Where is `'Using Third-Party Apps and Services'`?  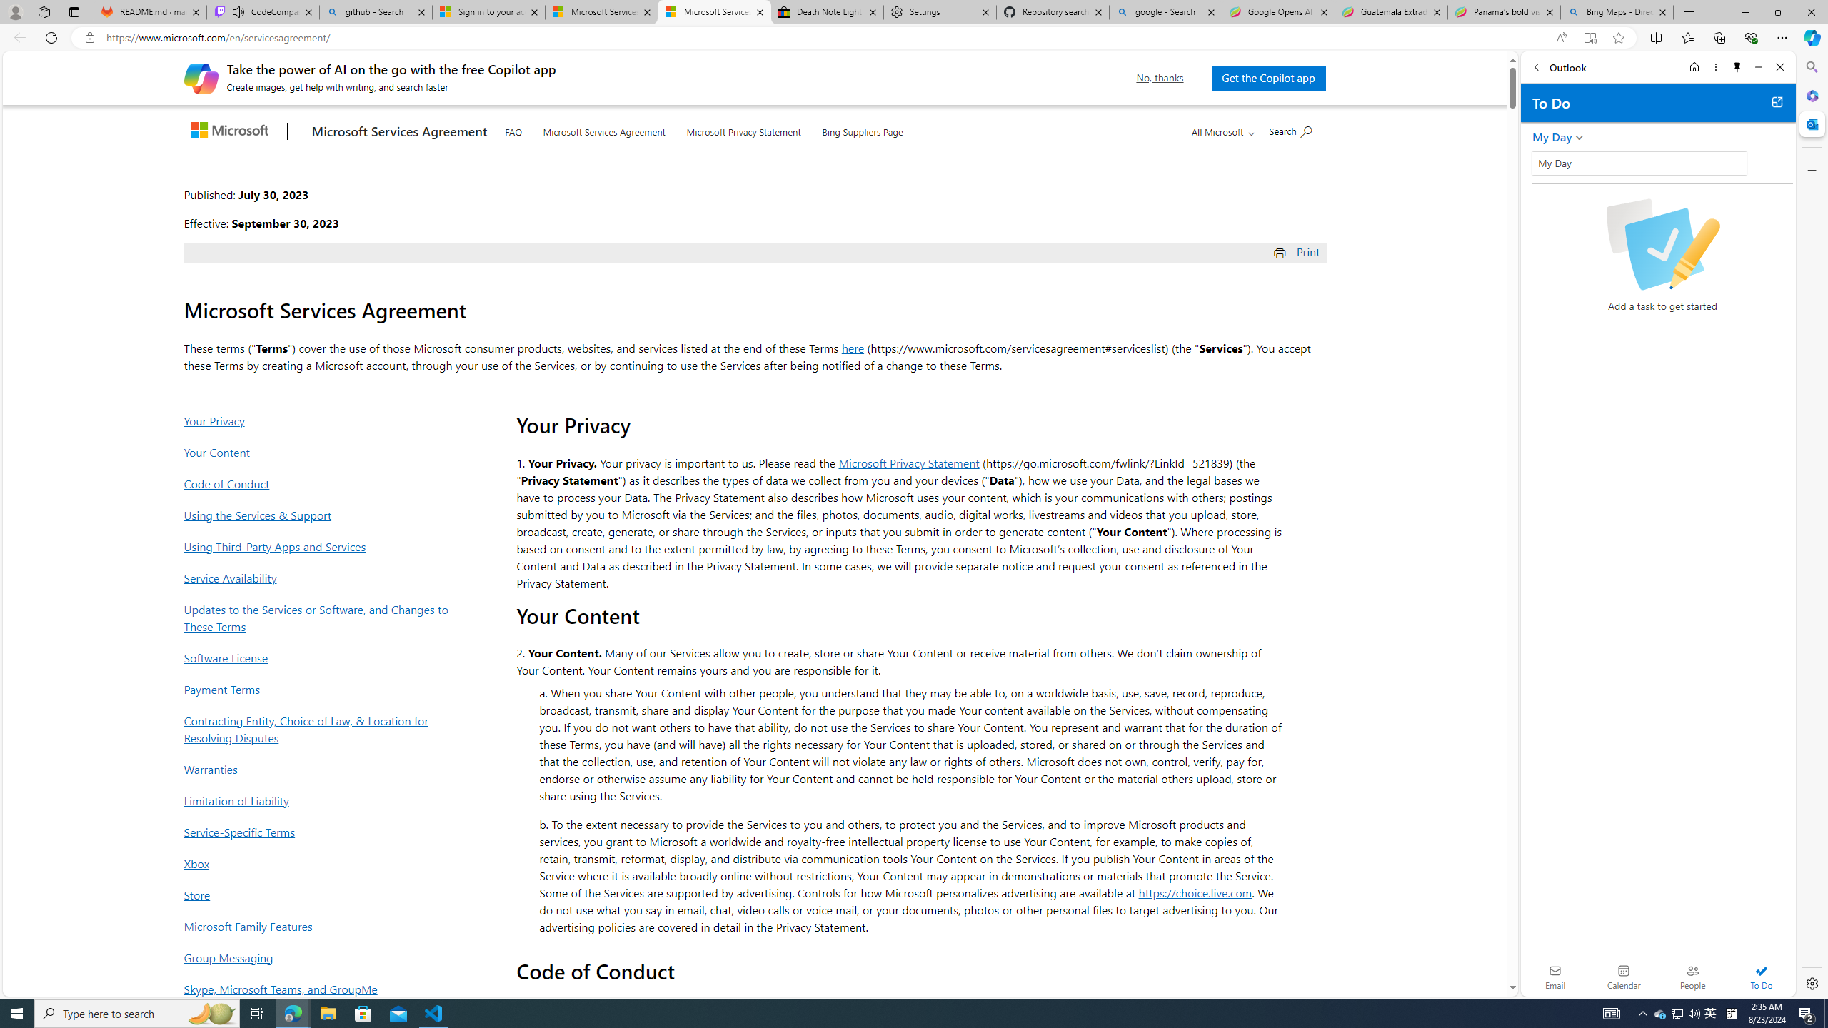
'Using Third-Party Apps and Services' is located at coordinates (320, 546).